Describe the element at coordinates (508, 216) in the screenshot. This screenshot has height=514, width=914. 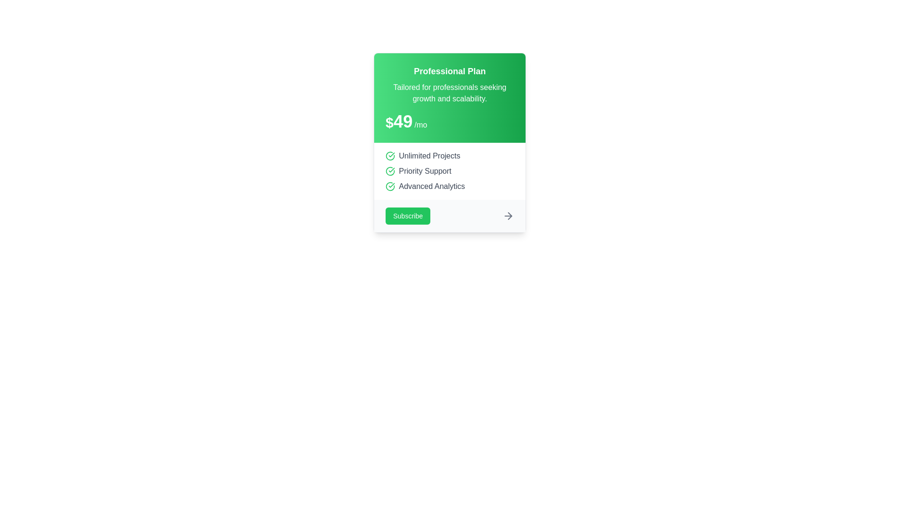
I see `the rightward arrow icon, which is a minimalist gray arrow located to the right of the green 'Subscribe' button in the lower section of the subscription card` at that location.